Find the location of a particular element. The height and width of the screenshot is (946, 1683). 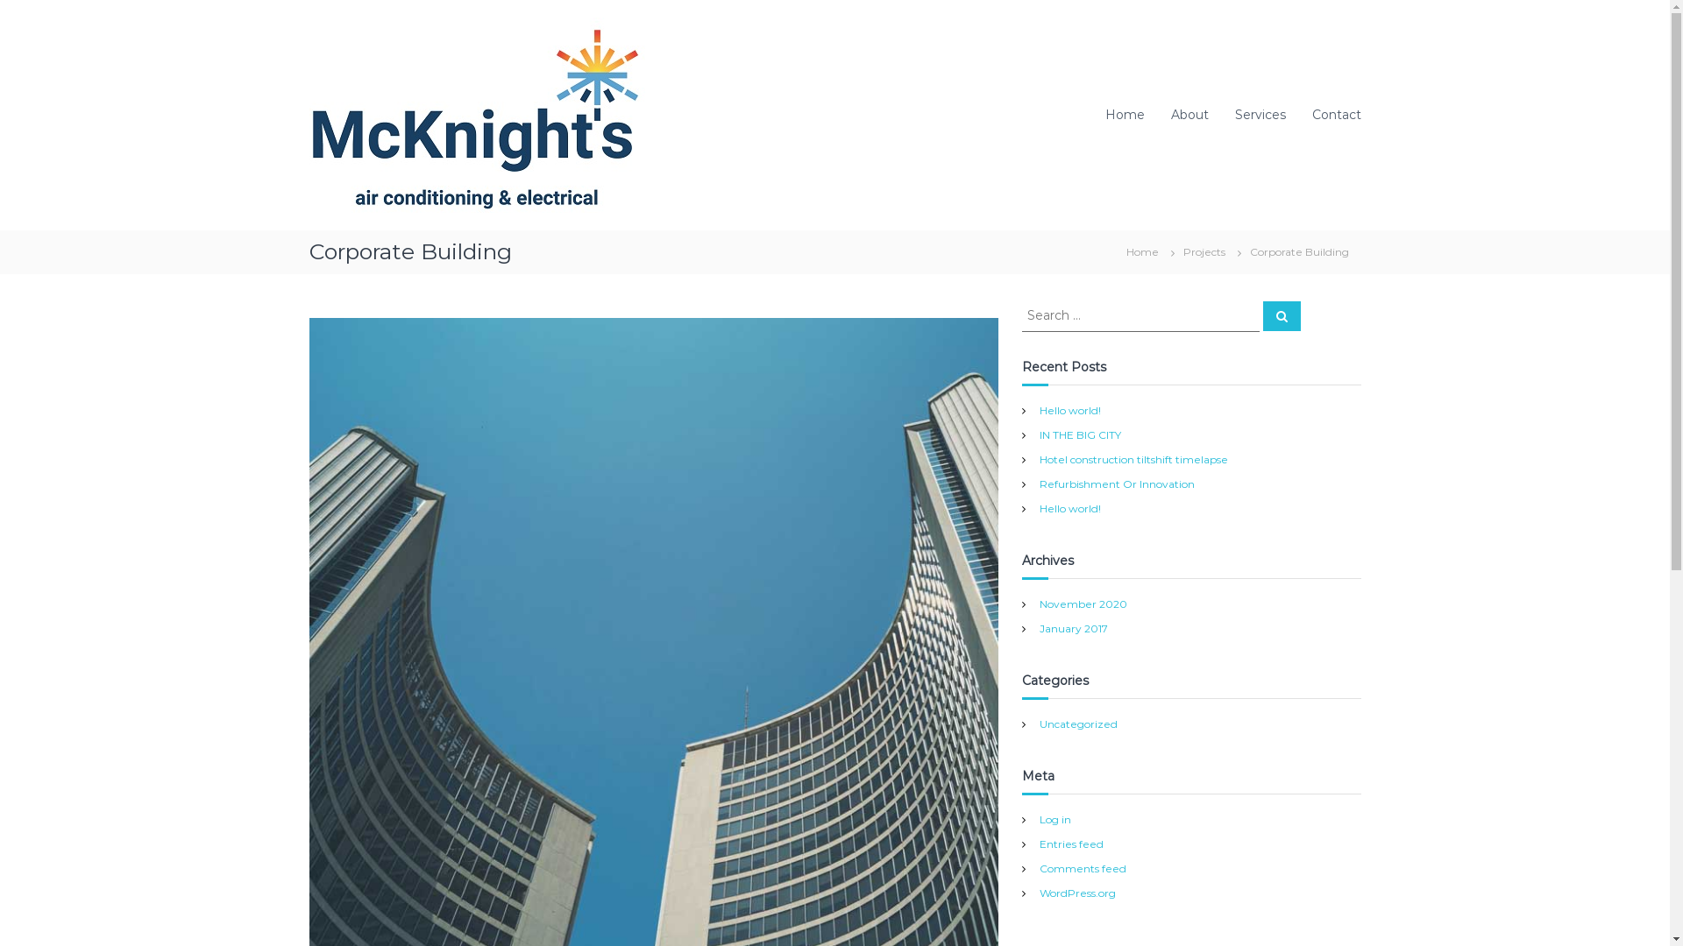

'IN THE BIG CITY' is located at coordinates (1079, 434).